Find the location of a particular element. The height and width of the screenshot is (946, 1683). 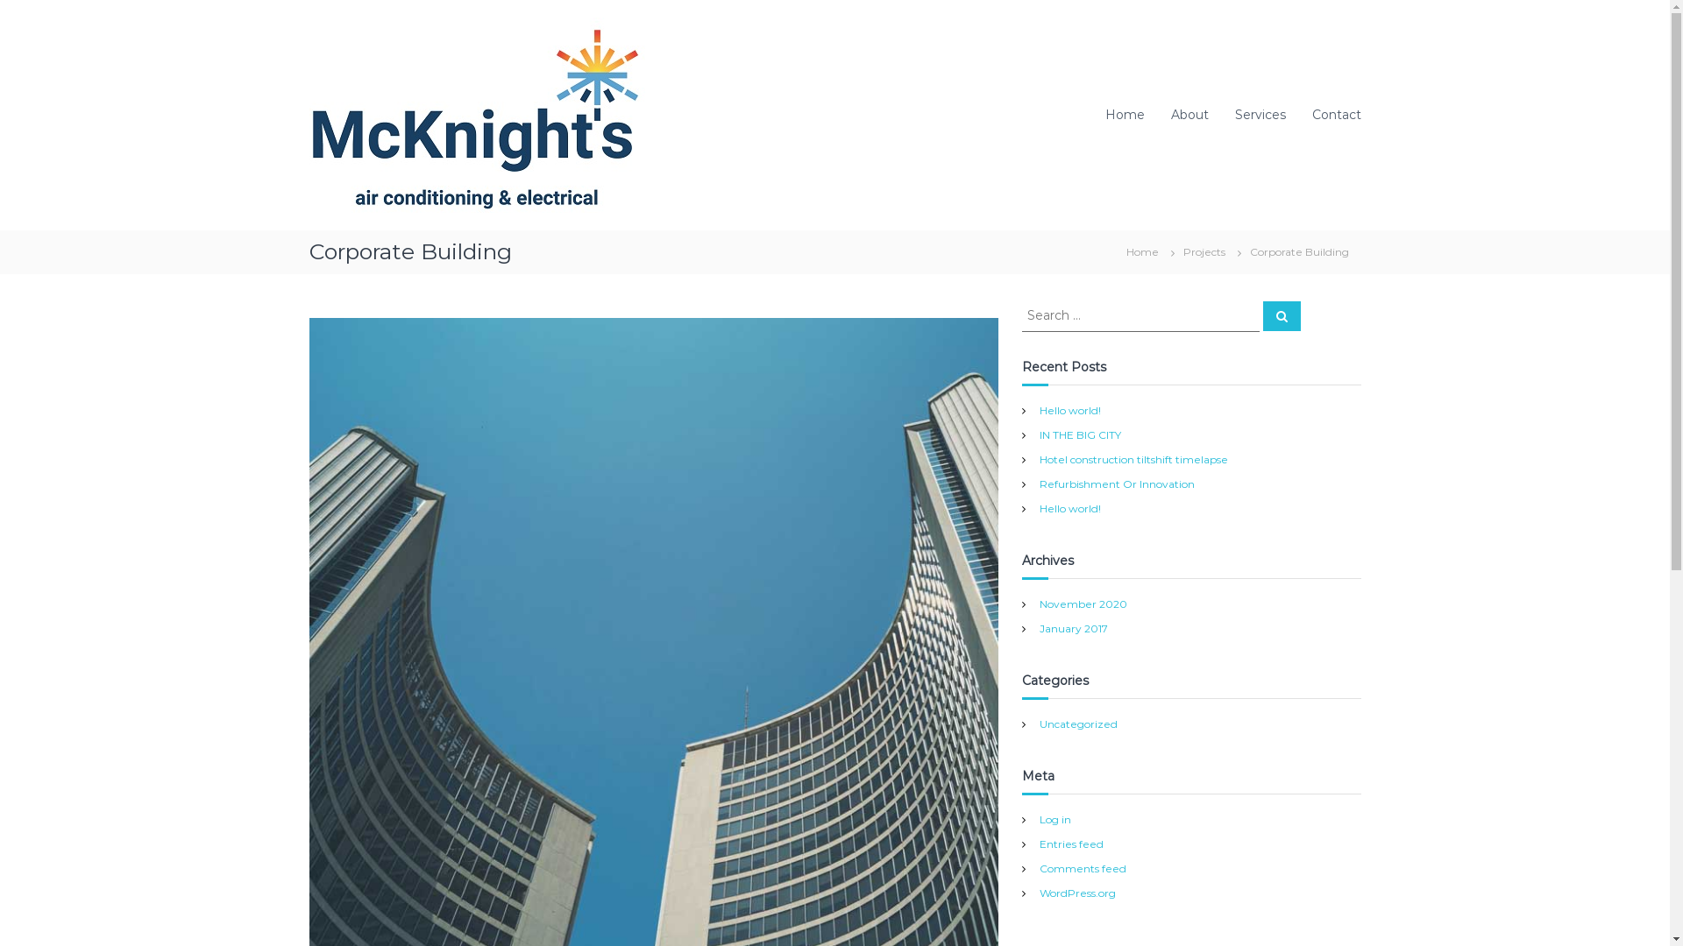

'IN THE BIG CITY' is located at coordinates (1079, 434).